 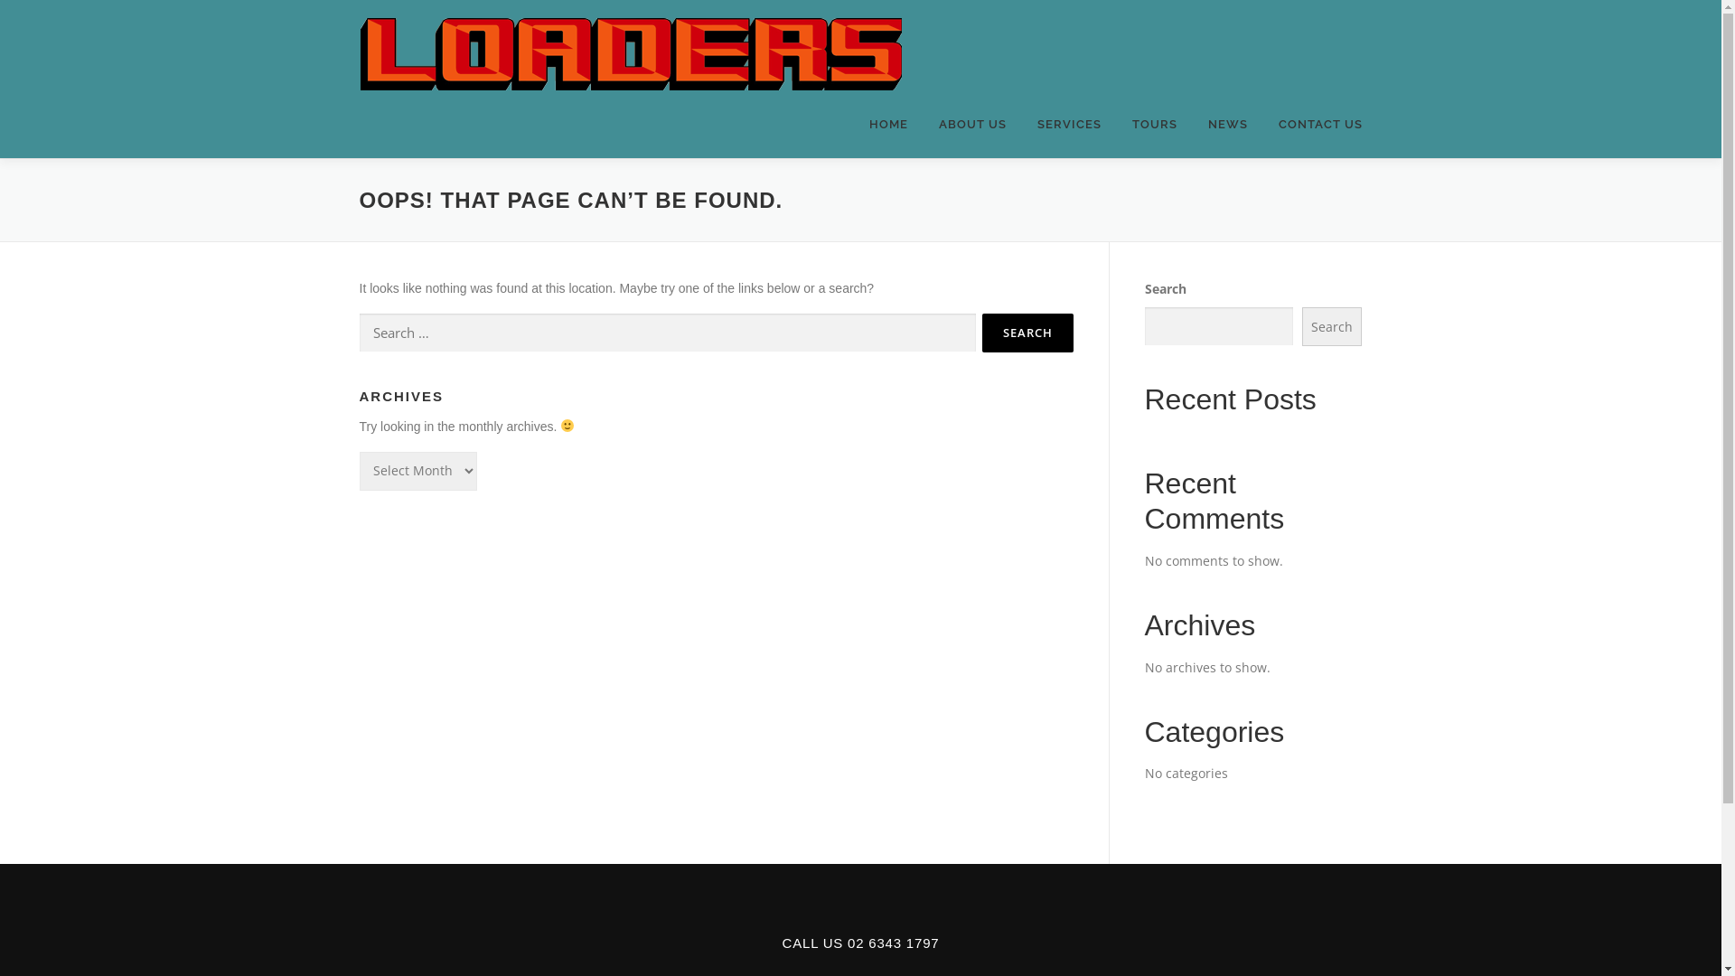 I want to click on 'SERVICES', so click(x=1020, y=123).